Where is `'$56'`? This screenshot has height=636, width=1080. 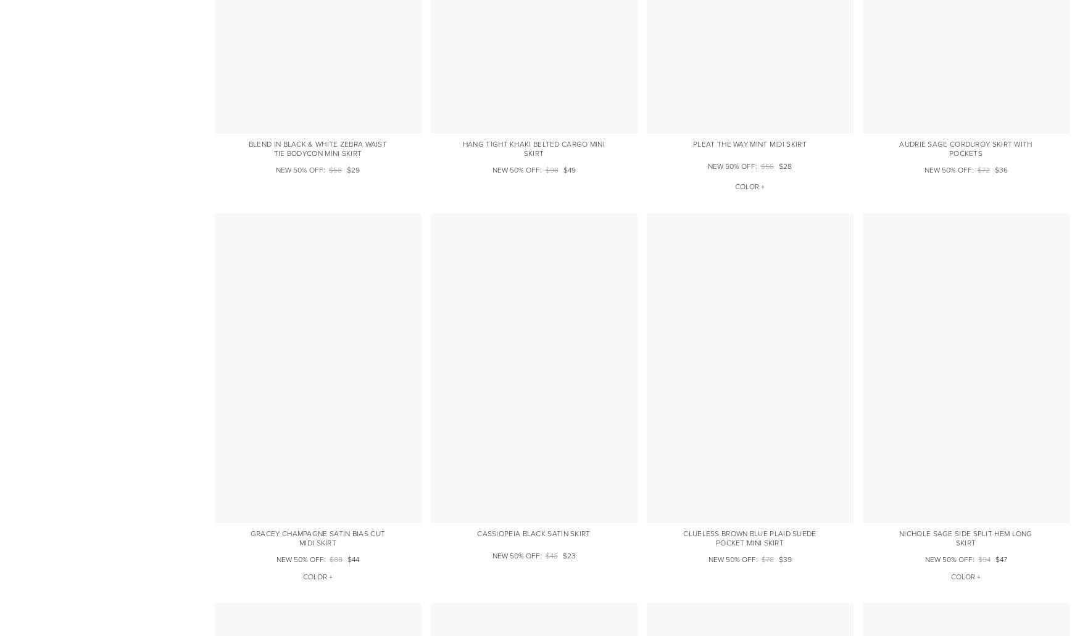
'$56' is located at coordinates (761, 166).